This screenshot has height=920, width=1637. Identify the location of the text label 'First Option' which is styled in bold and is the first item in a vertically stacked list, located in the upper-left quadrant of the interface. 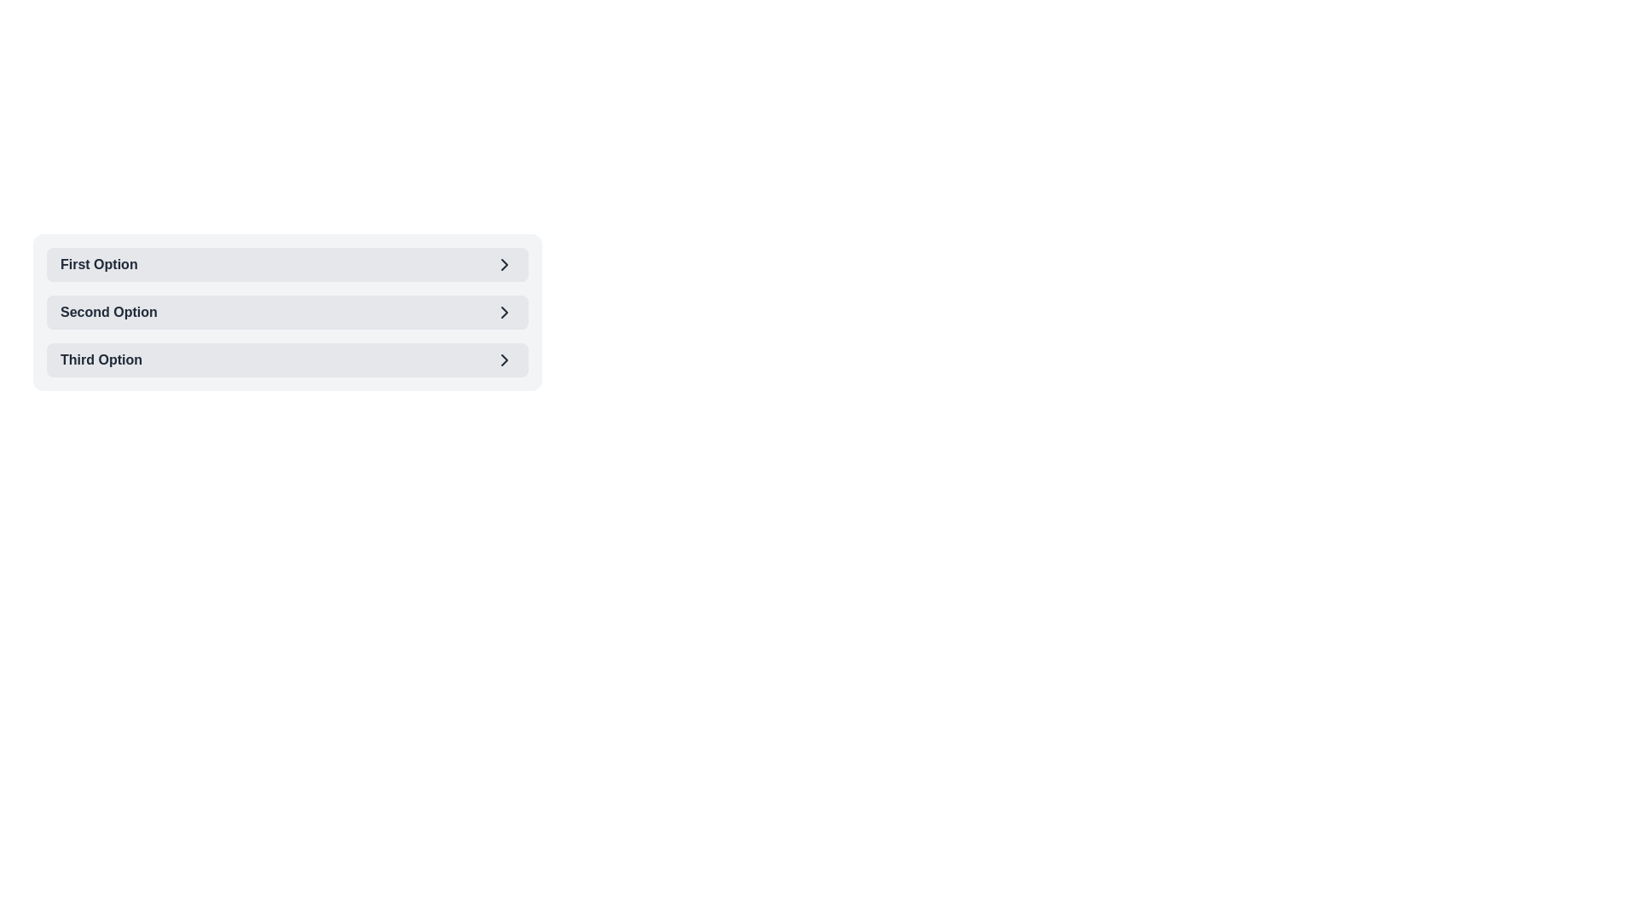
(98, 265).